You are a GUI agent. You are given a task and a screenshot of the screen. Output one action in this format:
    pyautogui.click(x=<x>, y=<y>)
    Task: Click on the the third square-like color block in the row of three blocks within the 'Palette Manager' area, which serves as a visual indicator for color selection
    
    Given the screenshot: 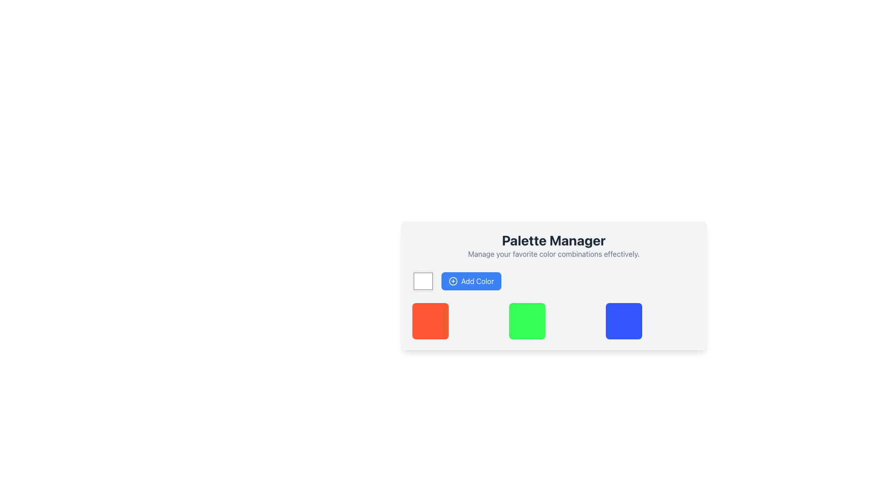 What is the action you would take?
    pyautogui.click(x=624, y=321)
    